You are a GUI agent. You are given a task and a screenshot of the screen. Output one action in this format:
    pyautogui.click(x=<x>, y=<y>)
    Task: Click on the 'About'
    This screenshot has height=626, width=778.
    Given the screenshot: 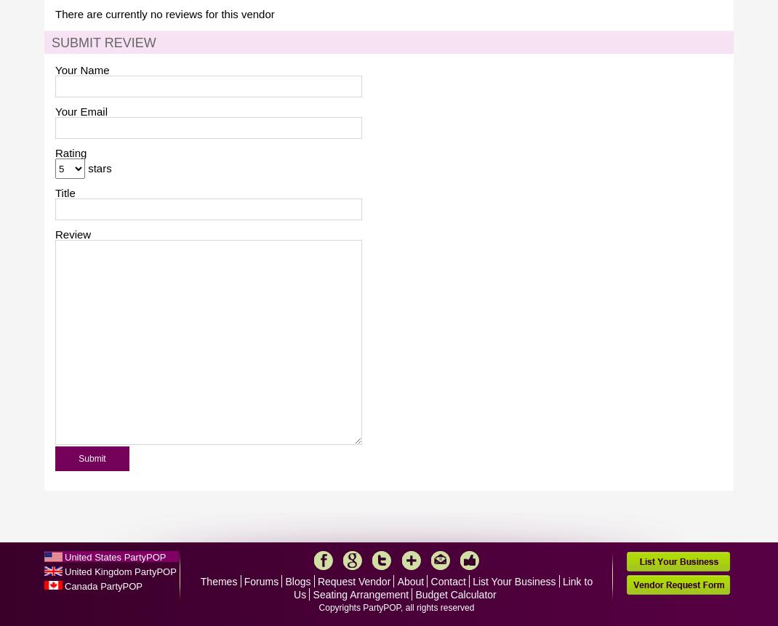 What is the action you would take?
    pyautogui.click(x=409, y=582)
    